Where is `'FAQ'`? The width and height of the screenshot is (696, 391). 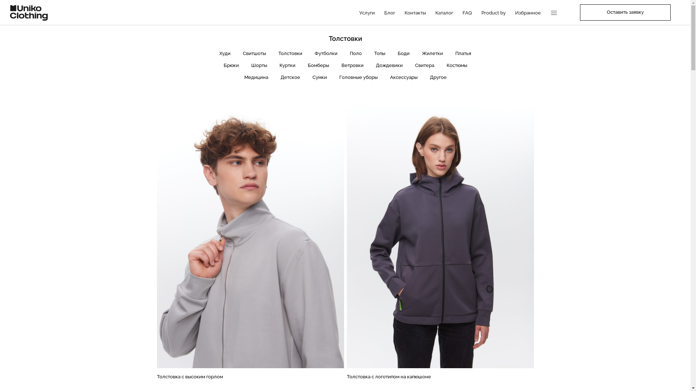
'FAQ' is located at coordinates (461, 12).